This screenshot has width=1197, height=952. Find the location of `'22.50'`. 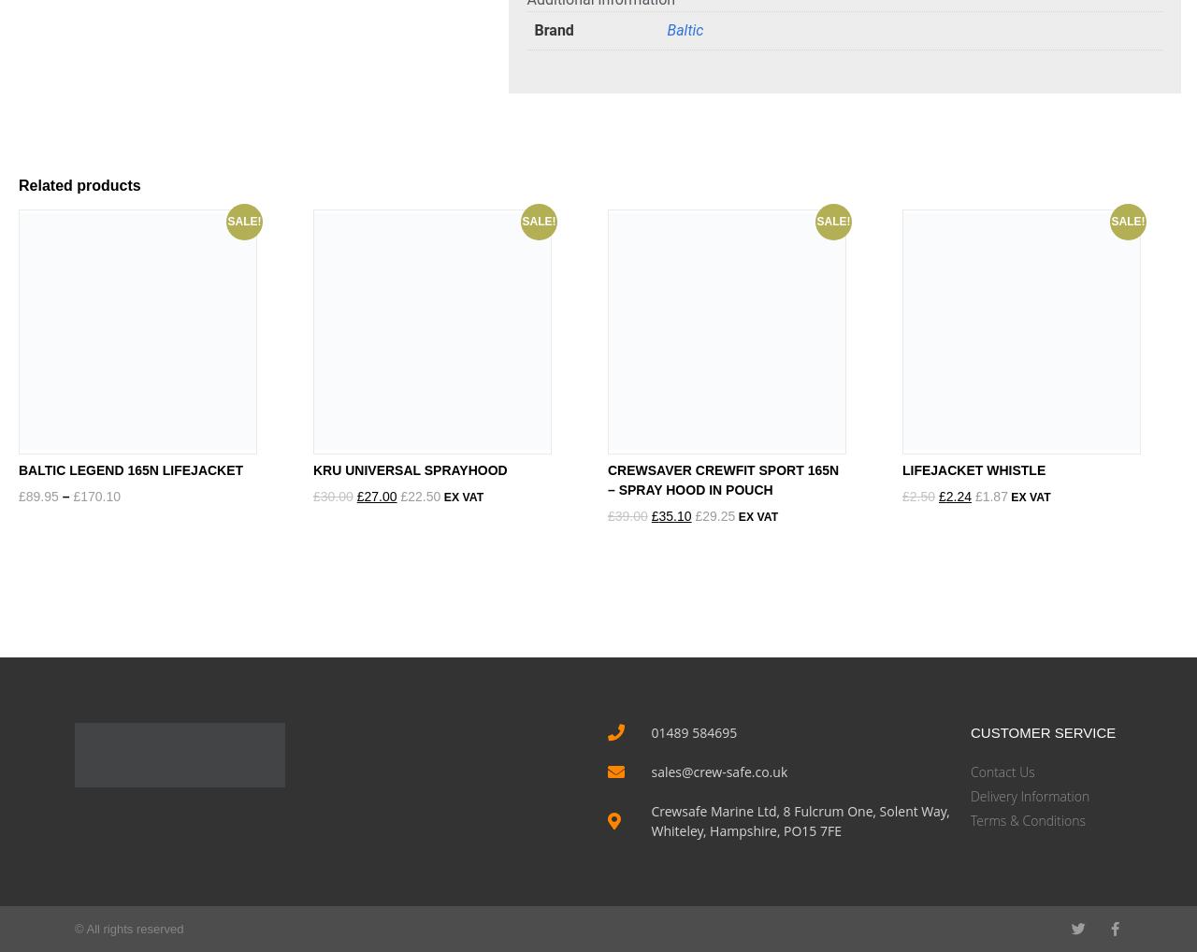

'22.50' is located at coordinates (406, 494).